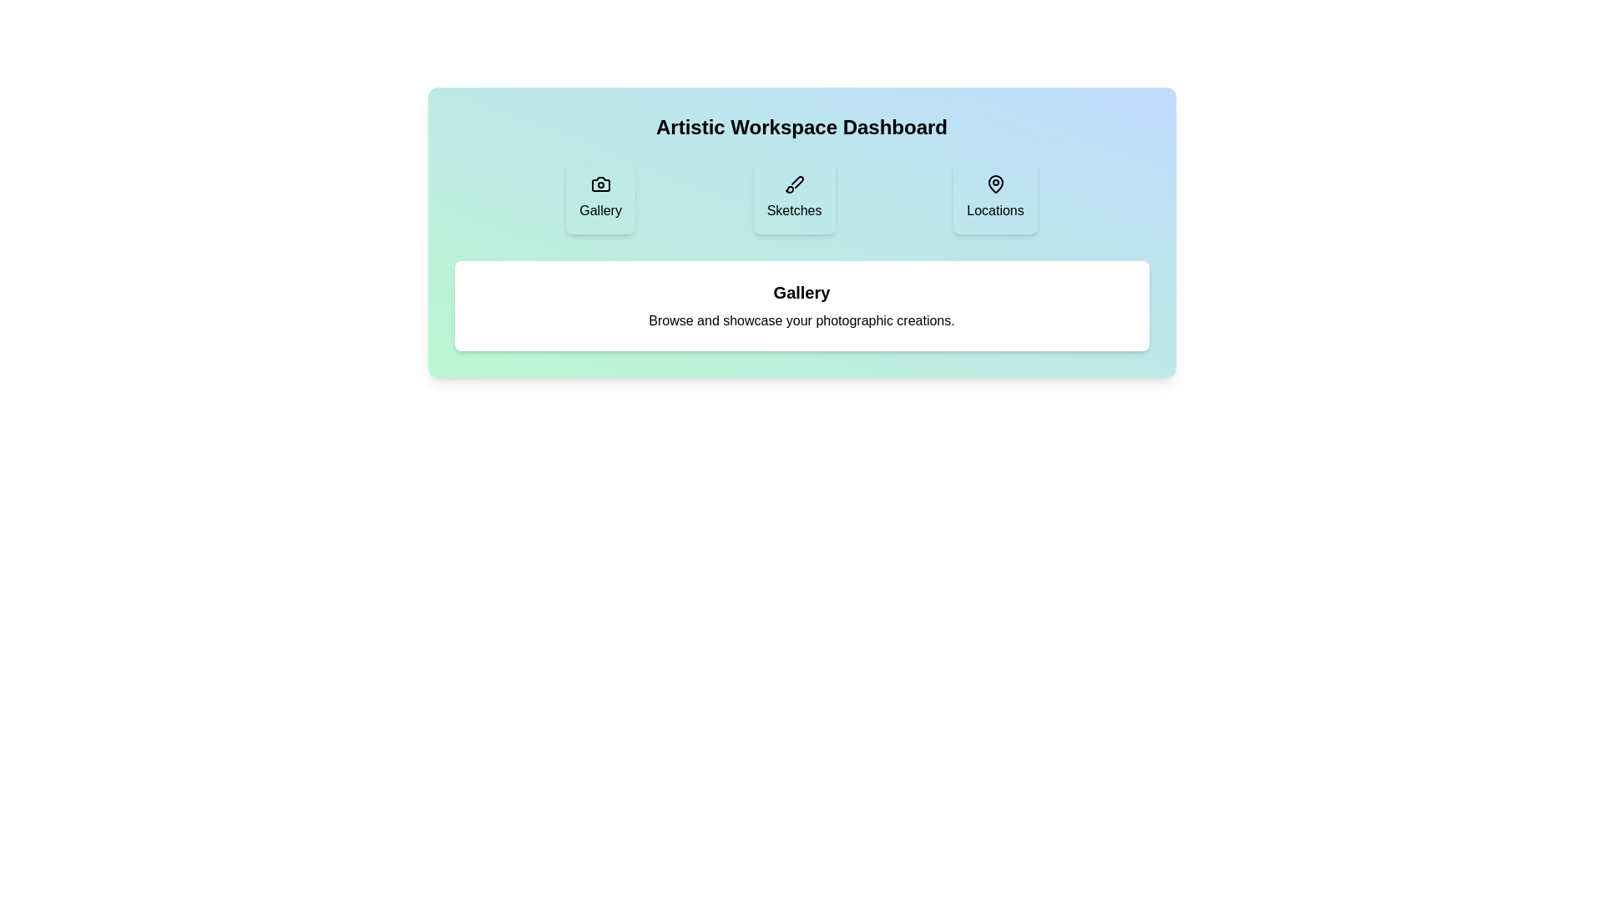  Describe the element at coordinates (995, 196) in the screenshot. I see `the Locations tab by clicking on its button` at that location.